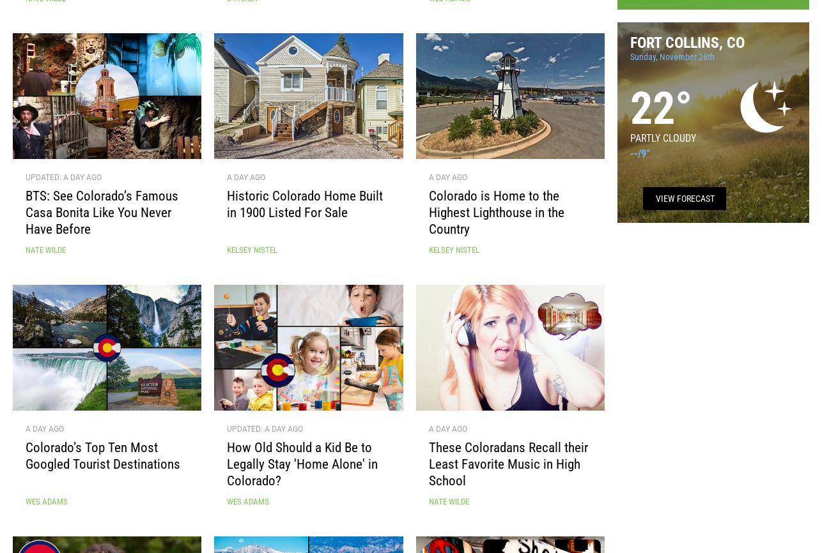  What do you see at coordinates (103, 460) in the screenshot?
I see `'Colorado’s Top Ten Most Googled Tourist Destinations'` at bounding box center [103, 460].